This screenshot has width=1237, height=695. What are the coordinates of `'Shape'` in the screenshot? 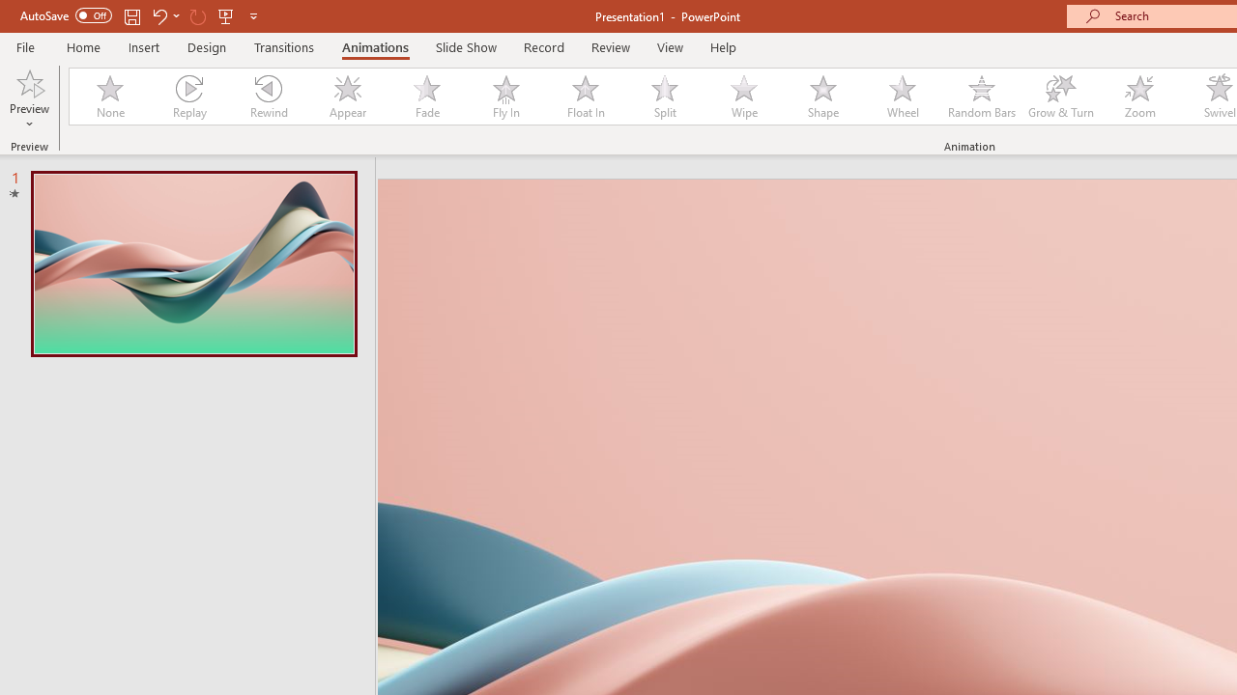 It's located at (823, 97).